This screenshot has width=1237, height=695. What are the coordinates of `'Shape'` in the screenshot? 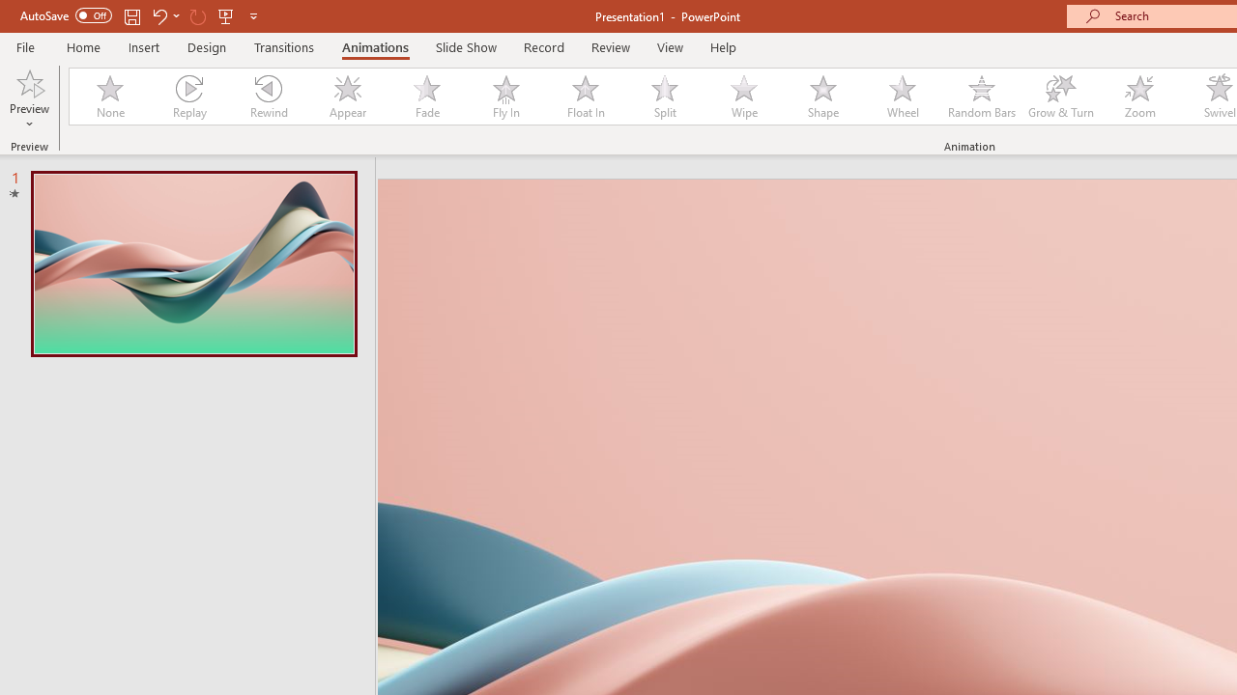 It's located at (823, 97).